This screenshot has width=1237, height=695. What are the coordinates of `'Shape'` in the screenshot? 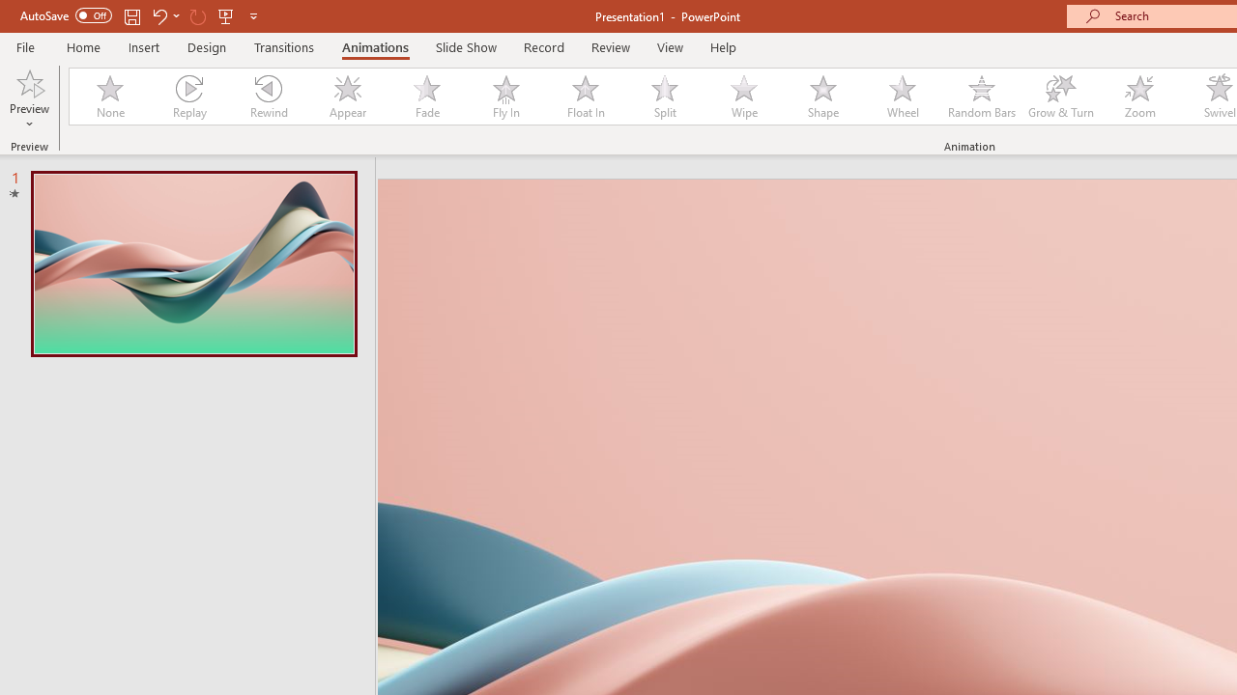 It's located at (823, 97).